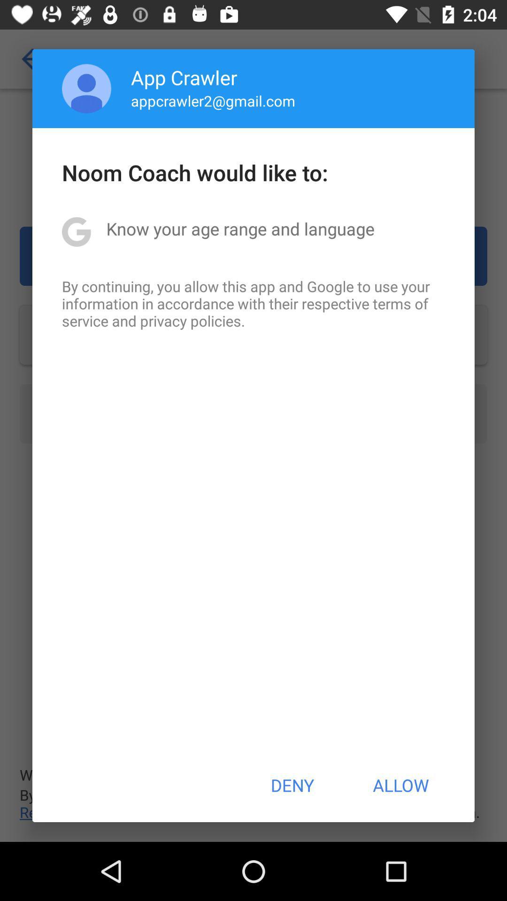 The height and width of the screenshot is (901, 507). What do you see at coordinates (292, 785) in the screenshot?
I see `the icon next to allow button` at bounding box center [292, 785].